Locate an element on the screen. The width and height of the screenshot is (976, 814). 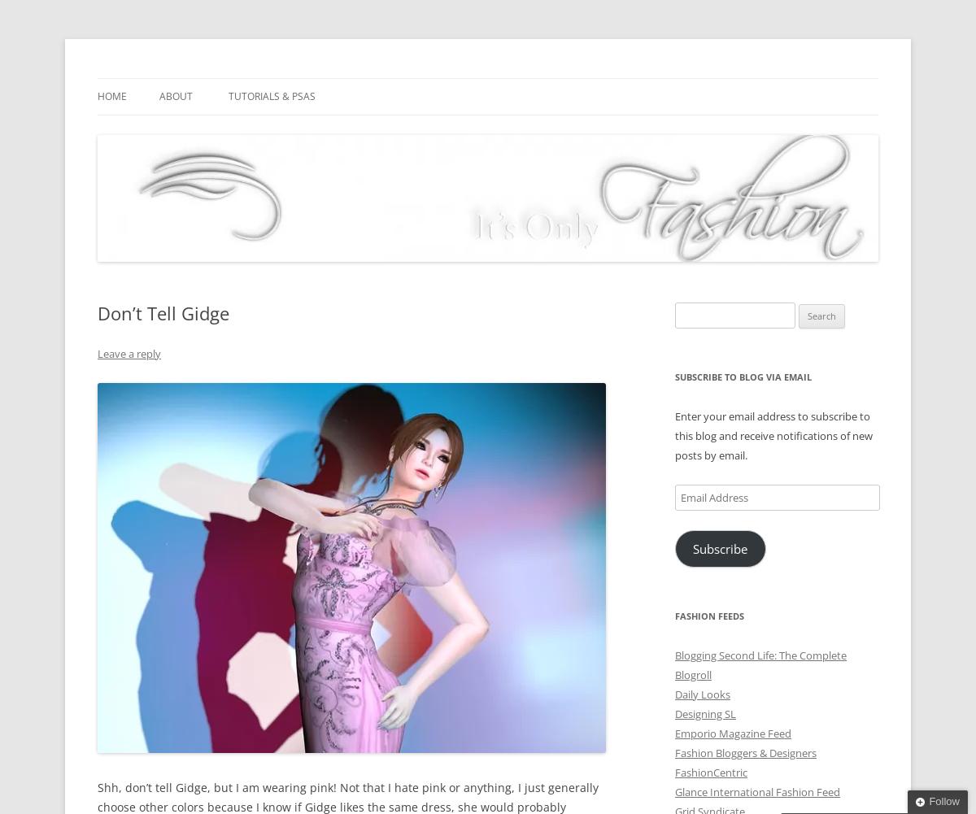
'Don’t Tell Gidge' is located at coordinates (163, 311).